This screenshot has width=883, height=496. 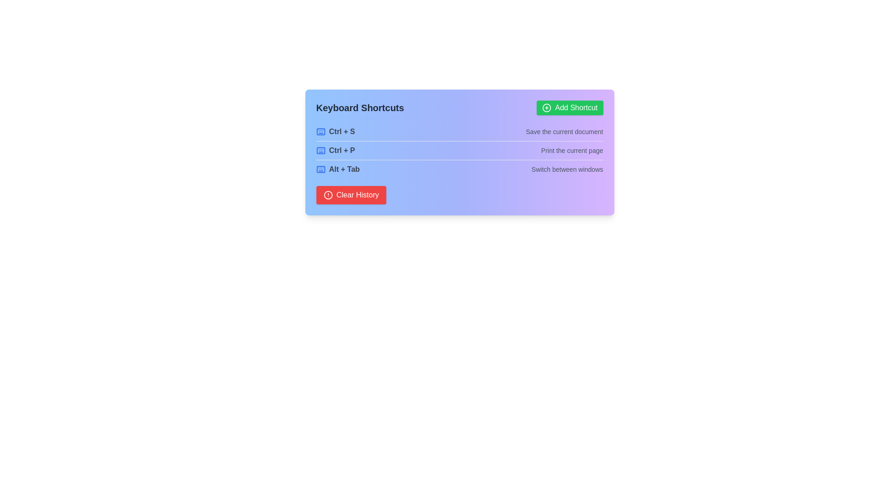 I want to click on the List item that describes the 'Ctrl + P' keyboard shortcut, so click(x=459, y=150).